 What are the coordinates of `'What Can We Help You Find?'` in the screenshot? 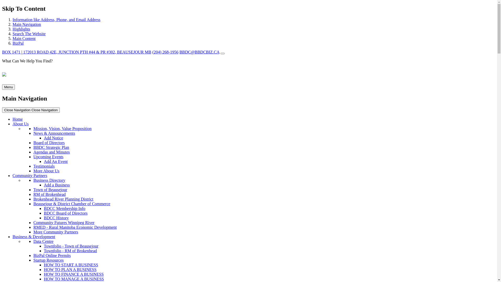 It's located at (248, 65).